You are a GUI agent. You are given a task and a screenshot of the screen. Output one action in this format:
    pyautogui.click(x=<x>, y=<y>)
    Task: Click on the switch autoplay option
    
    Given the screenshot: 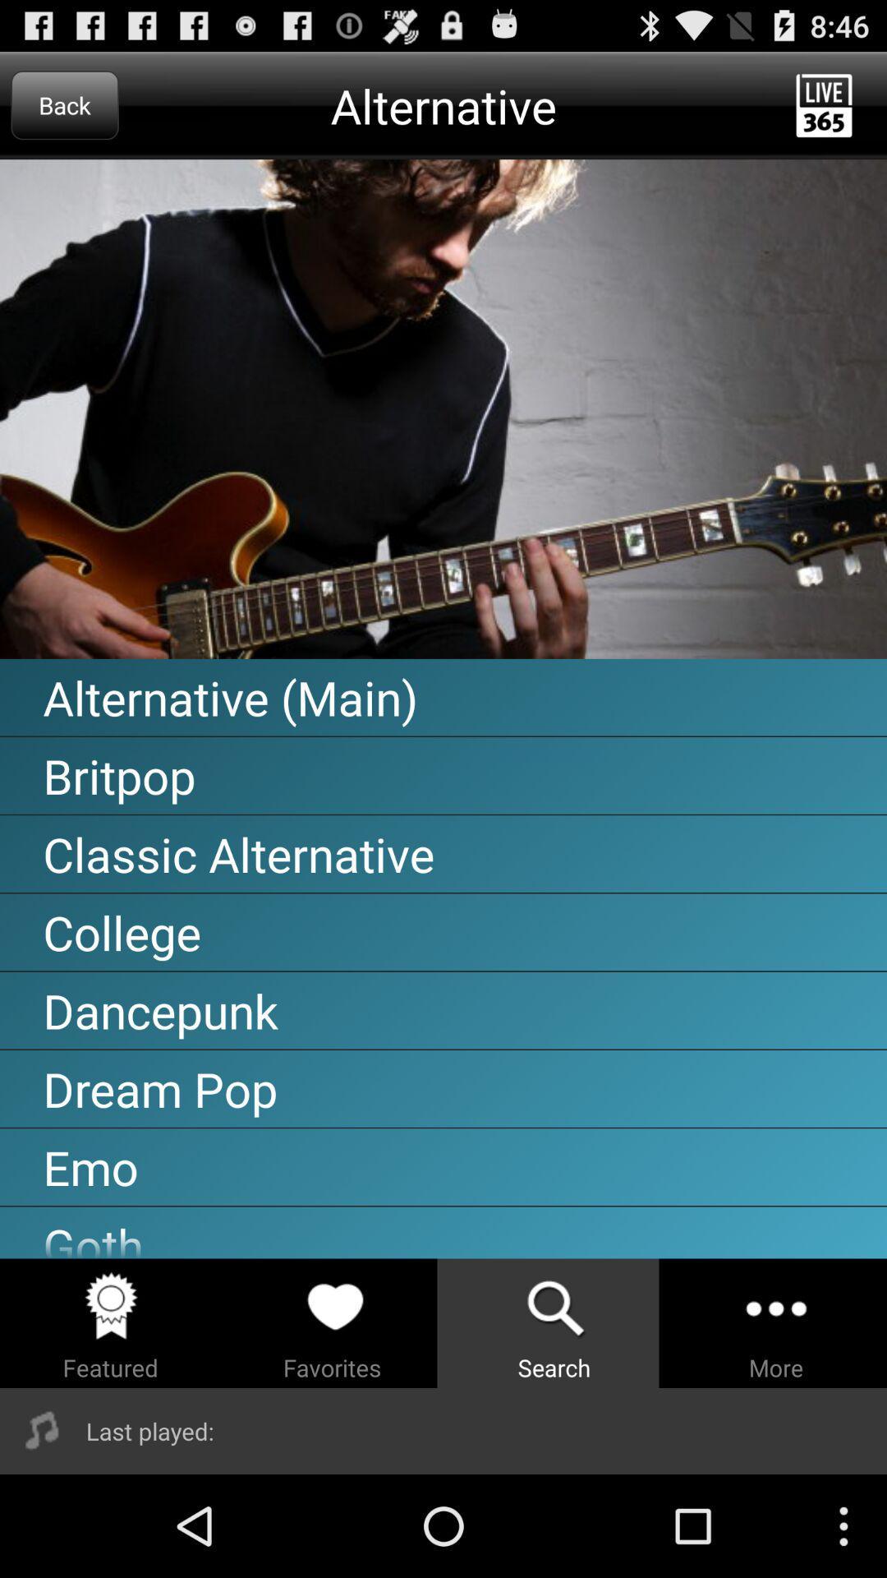 What is the action you would take?
    pyautogui.click(x=443, y=409)
    